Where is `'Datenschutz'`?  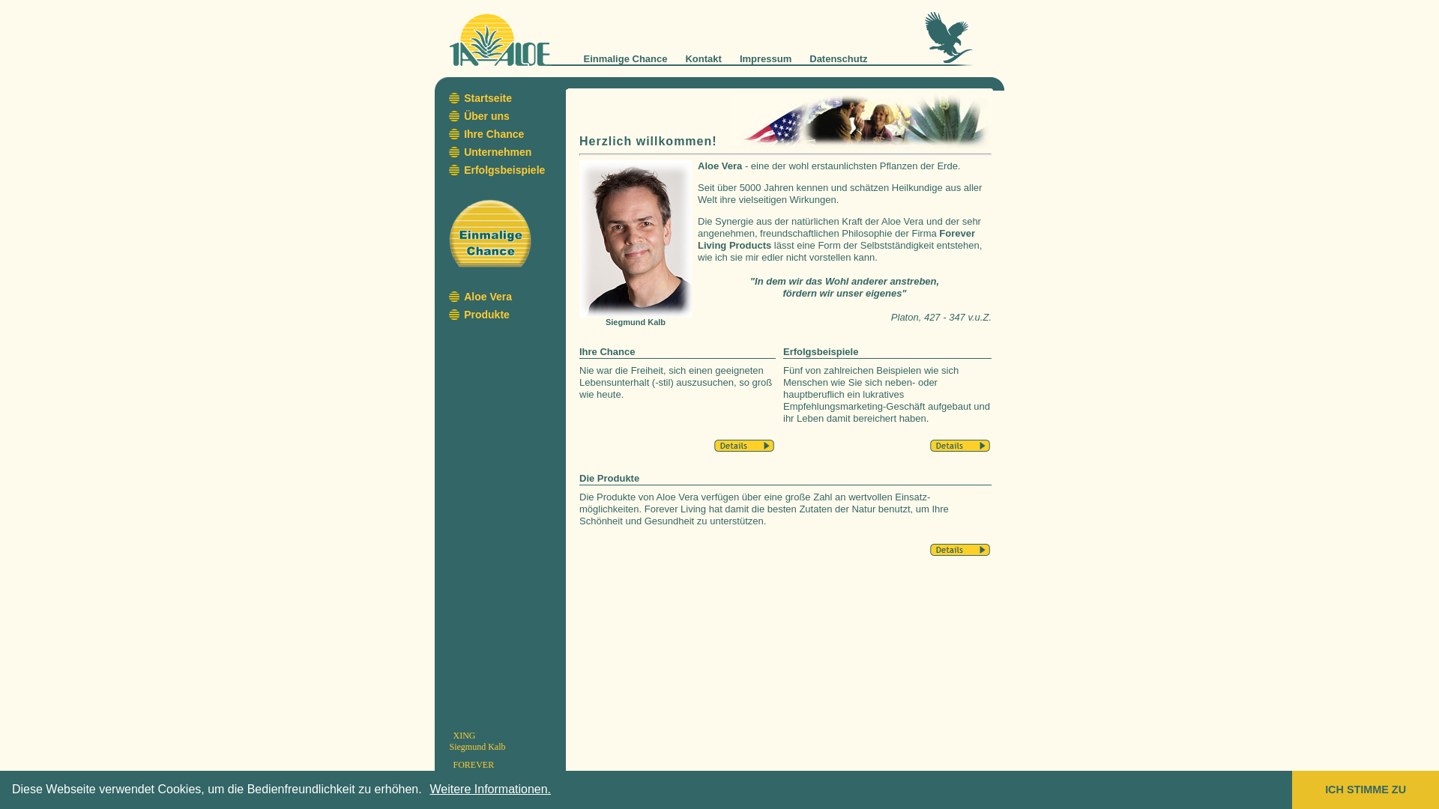
'Datenschutz' is located at coordinates (837, 58).